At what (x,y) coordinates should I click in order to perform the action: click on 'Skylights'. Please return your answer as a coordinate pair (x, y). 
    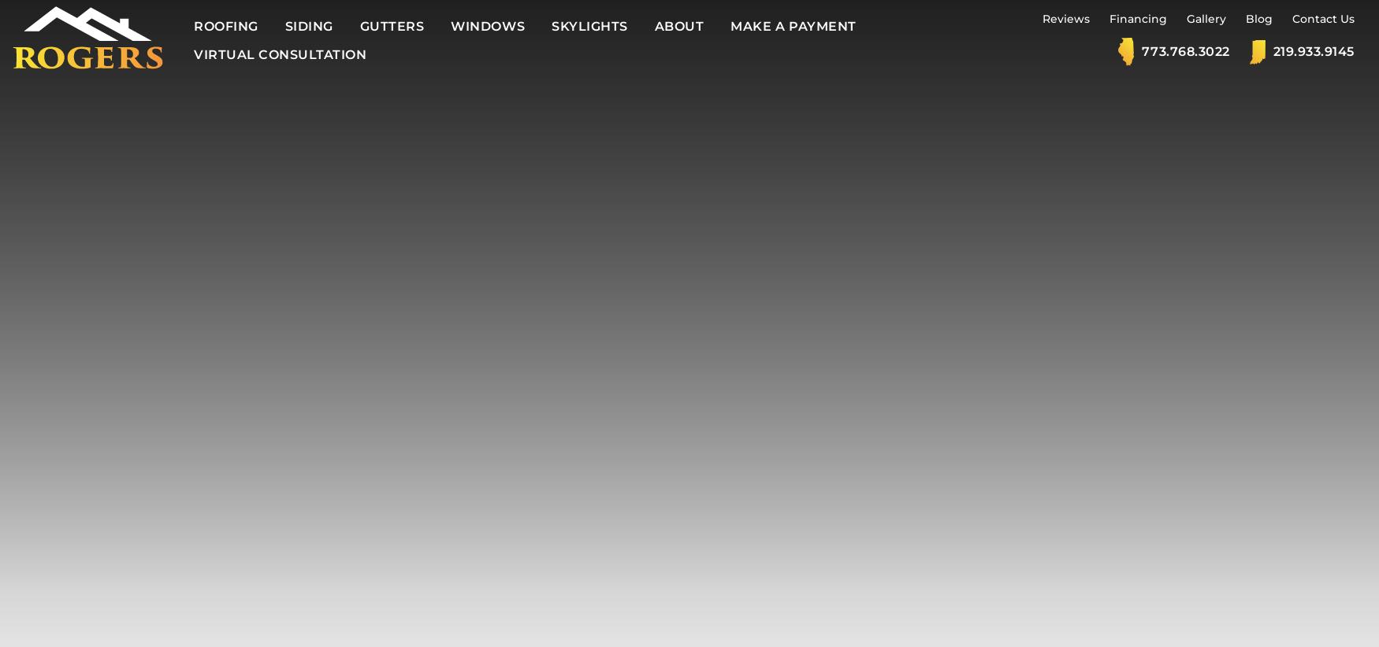
    Looking at the image, I should click on (552, 25).